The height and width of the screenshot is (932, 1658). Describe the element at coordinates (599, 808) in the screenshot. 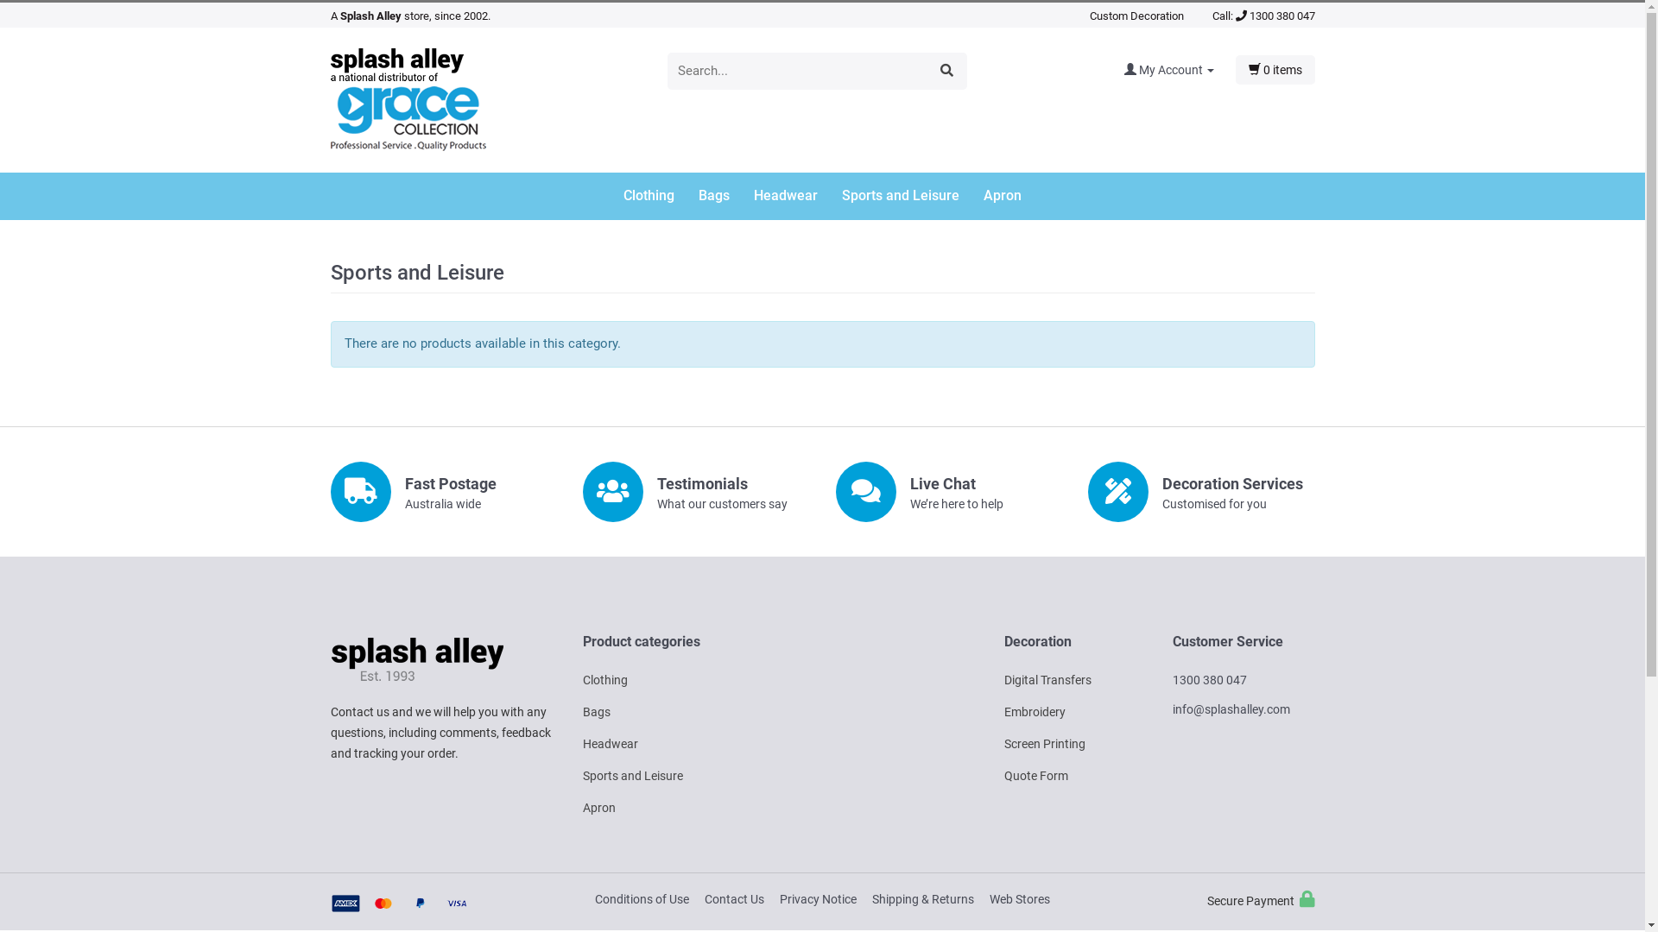

I see `'Apron'` at that location.